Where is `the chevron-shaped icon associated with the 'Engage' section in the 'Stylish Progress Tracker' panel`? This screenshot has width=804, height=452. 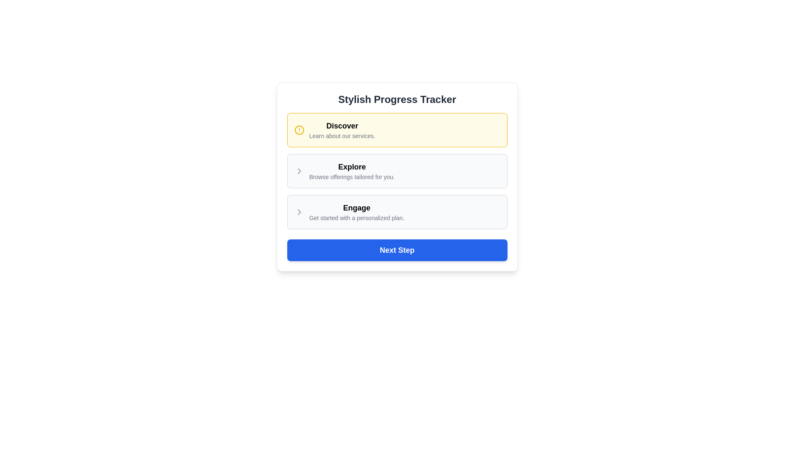 the chevron-shaped icon associated with the 'Engage' section in the 'Stylish Progress Tracker' panel is located at coordinates (299, 170).